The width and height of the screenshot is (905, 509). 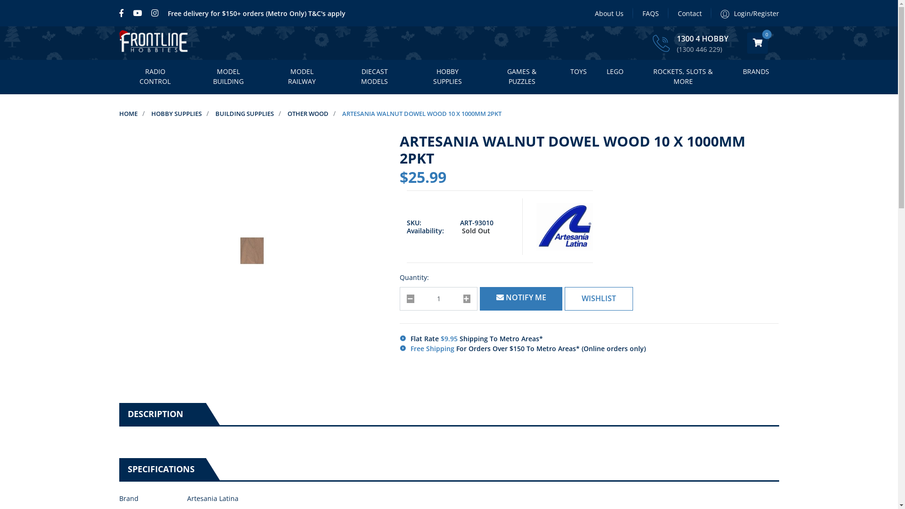 What do you see at coordinates (374, 76) in the screenshot?
I see `'DIECAST MODELS'` at bounding box center [374, 76].